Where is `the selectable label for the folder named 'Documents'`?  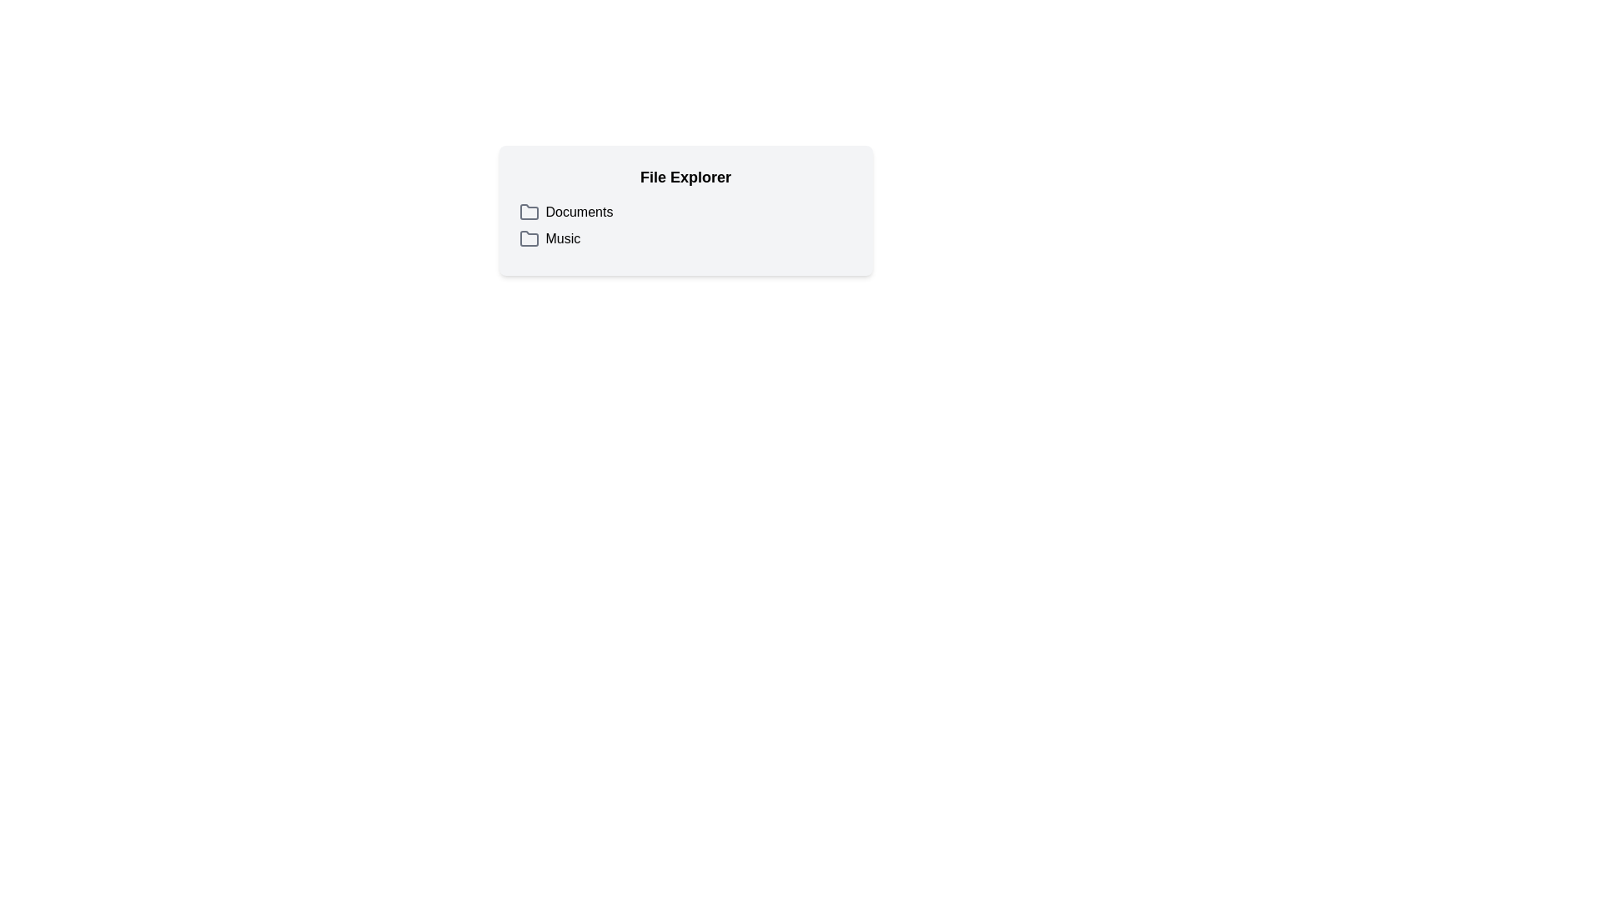
the selectable label for the folder named 'Documents' is located at coordinates (580, 211).